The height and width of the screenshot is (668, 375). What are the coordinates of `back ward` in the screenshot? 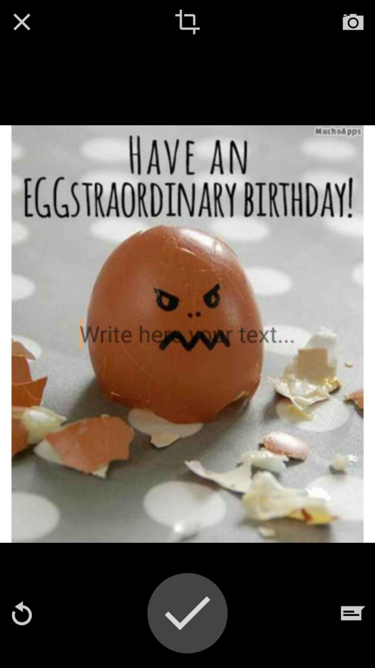 It's located at (21, 613).